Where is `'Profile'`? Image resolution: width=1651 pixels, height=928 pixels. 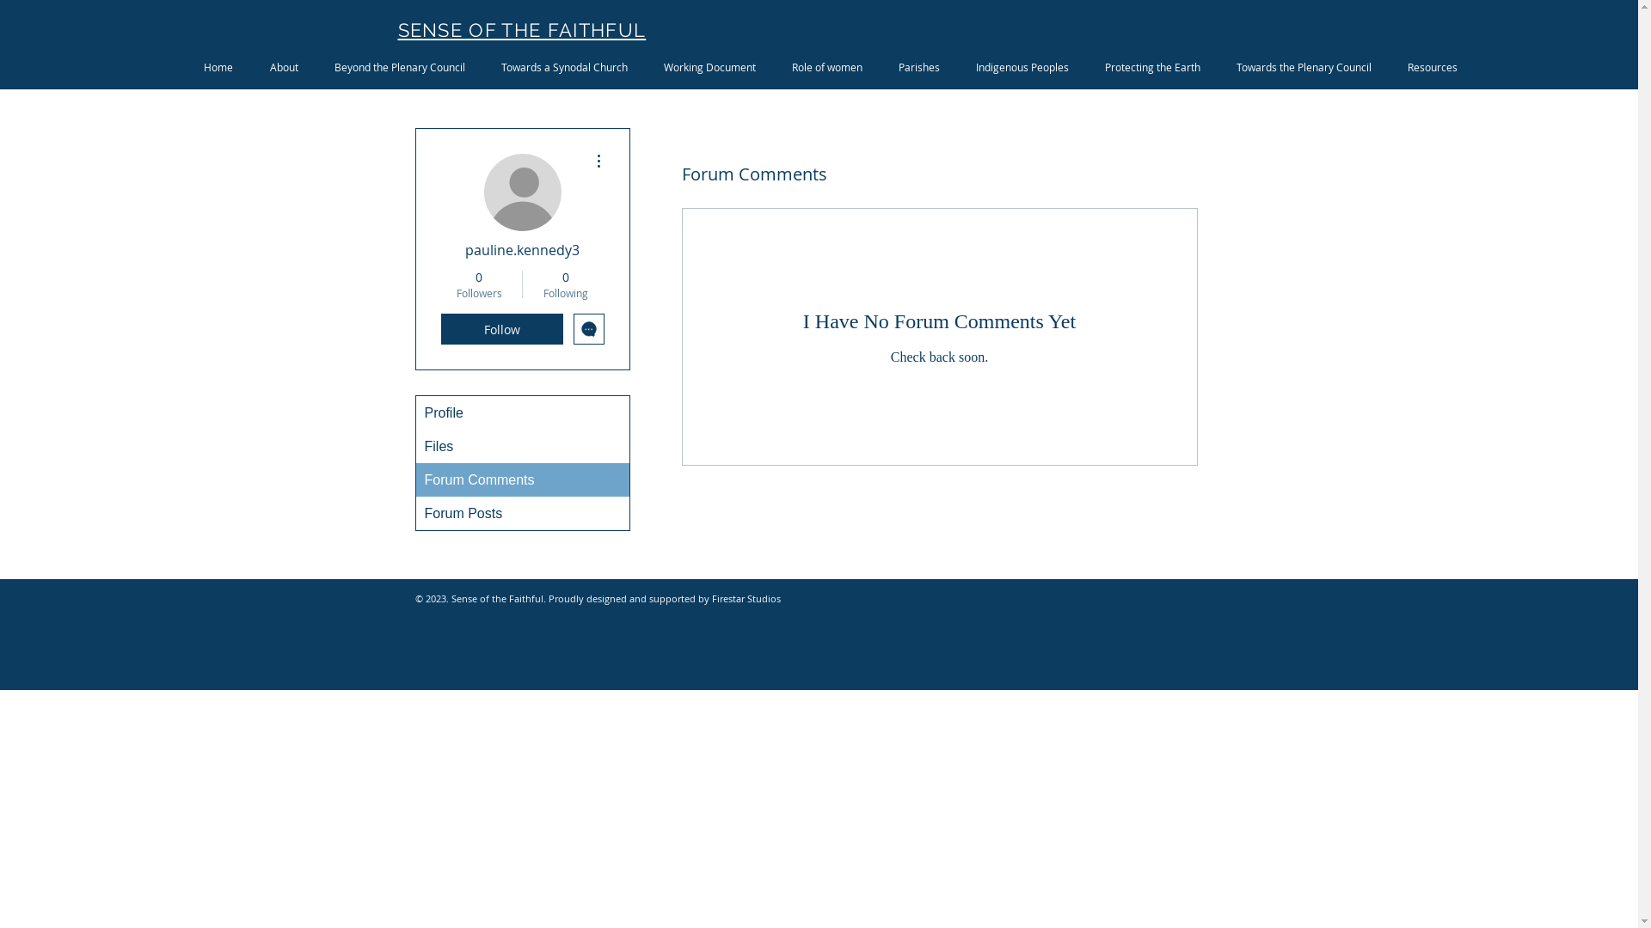 'Profile' is located at coordinates (522, 412).